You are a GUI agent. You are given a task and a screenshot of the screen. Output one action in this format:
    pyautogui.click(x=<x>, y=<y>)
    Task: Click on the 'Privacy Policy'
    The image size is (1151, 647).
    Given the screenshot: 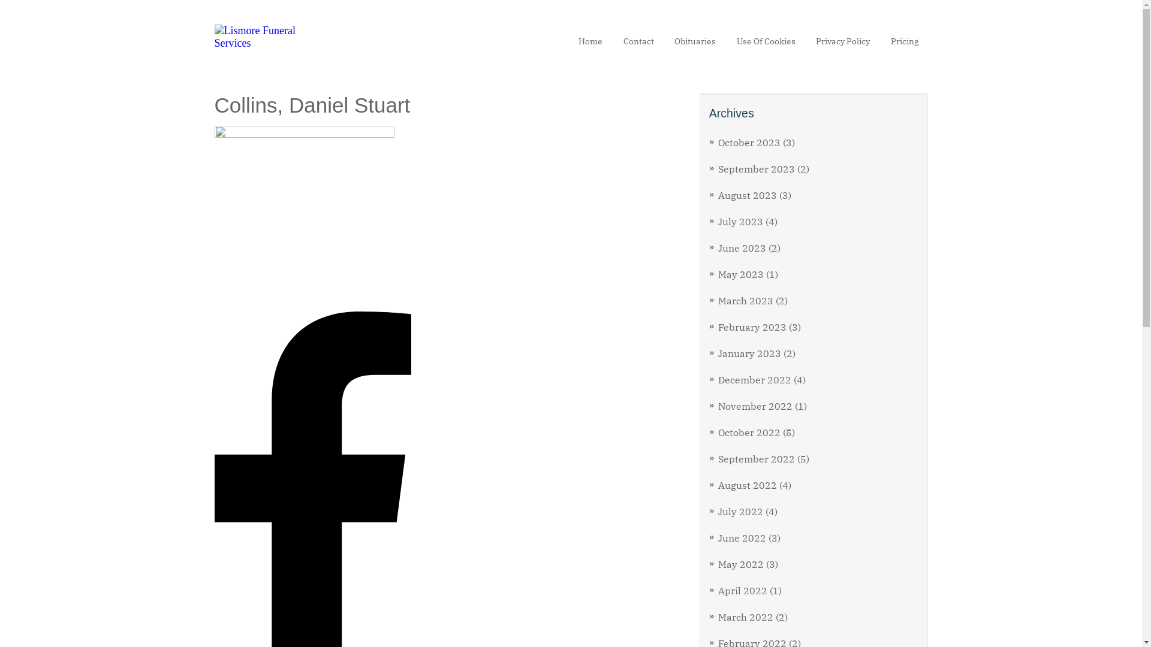 What is the action you would take?
    pyautogui.click(x=842, y=41)
    